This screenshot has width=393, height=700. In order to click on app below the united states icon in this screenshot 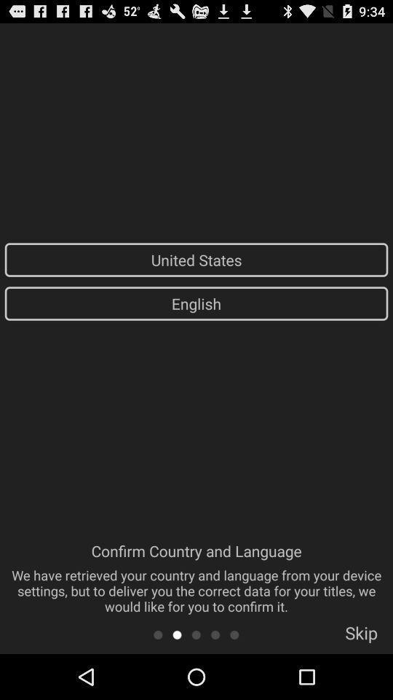, I will do `click(196, 303)`.